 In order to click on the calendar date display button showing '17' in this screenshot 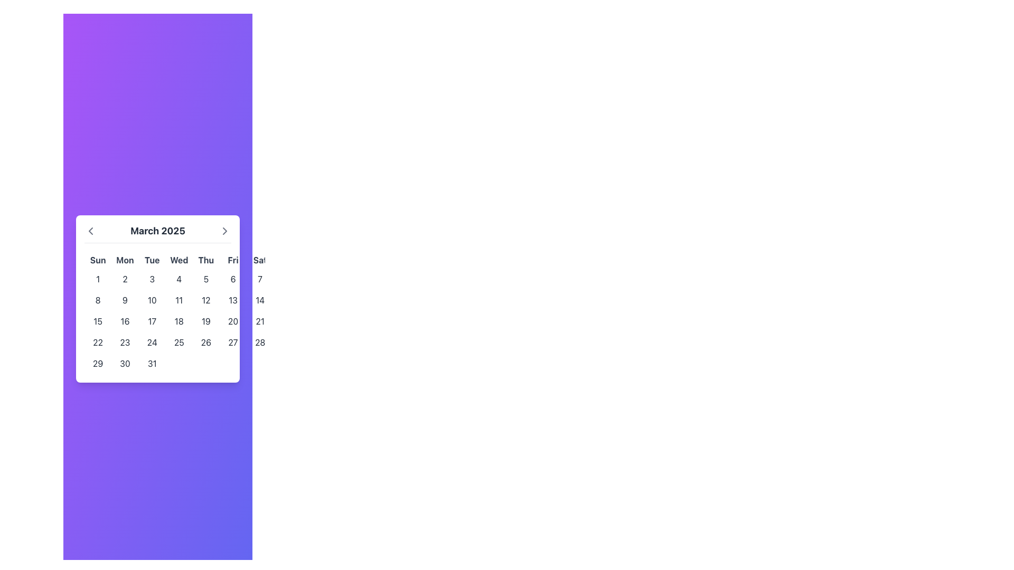, I will do `click(152, 320)`.